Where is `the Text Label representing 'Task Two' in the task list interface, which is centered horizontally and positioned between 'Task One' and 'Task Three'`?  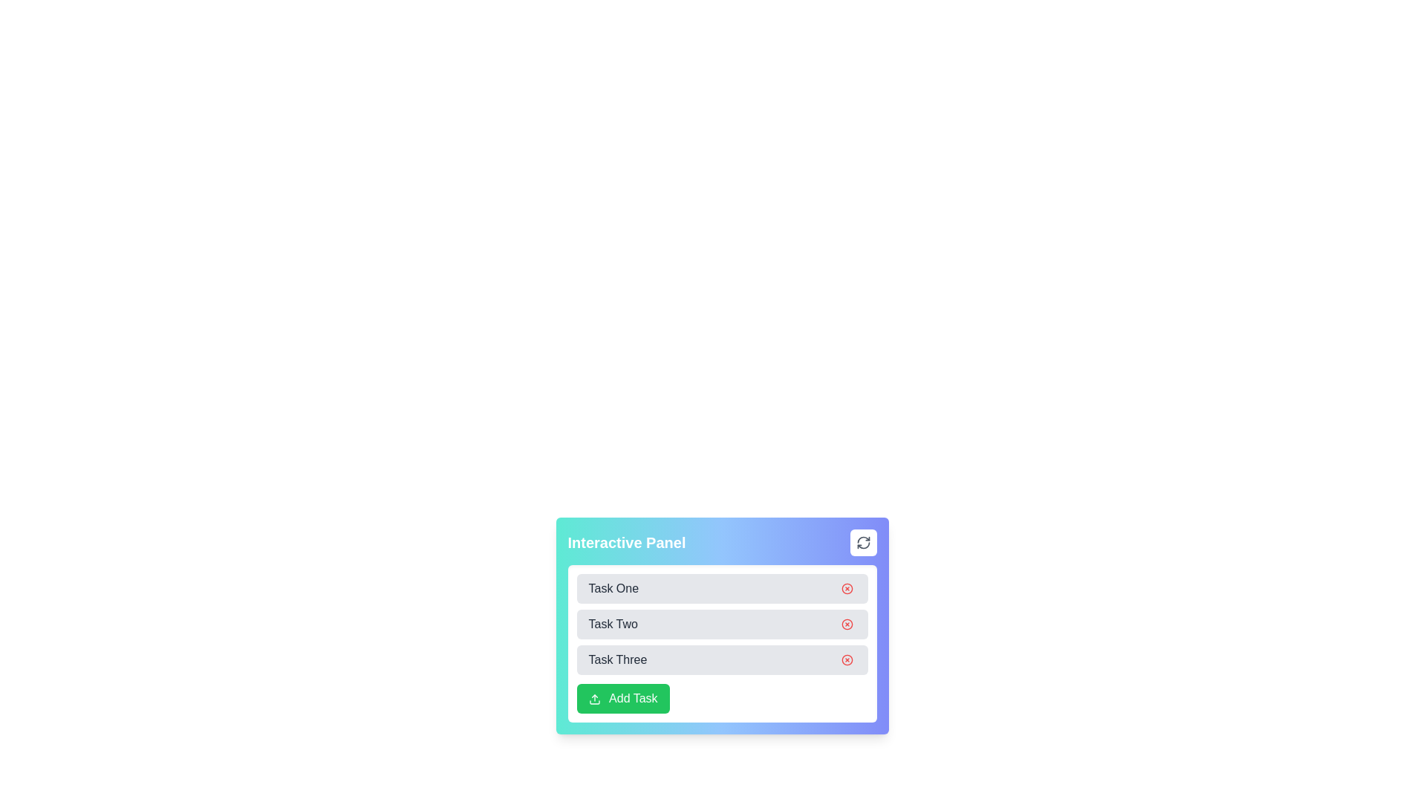
the Text Label representing 'Task Two' in the task list interface, which is centered horizontally and positioned between 'Task One' and 'Task Three' is located at coordinates (613, 624).